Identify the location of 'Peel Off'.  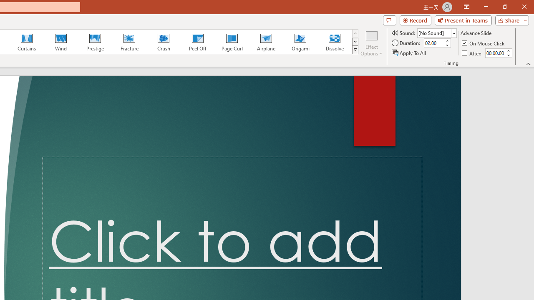
(197, 42).